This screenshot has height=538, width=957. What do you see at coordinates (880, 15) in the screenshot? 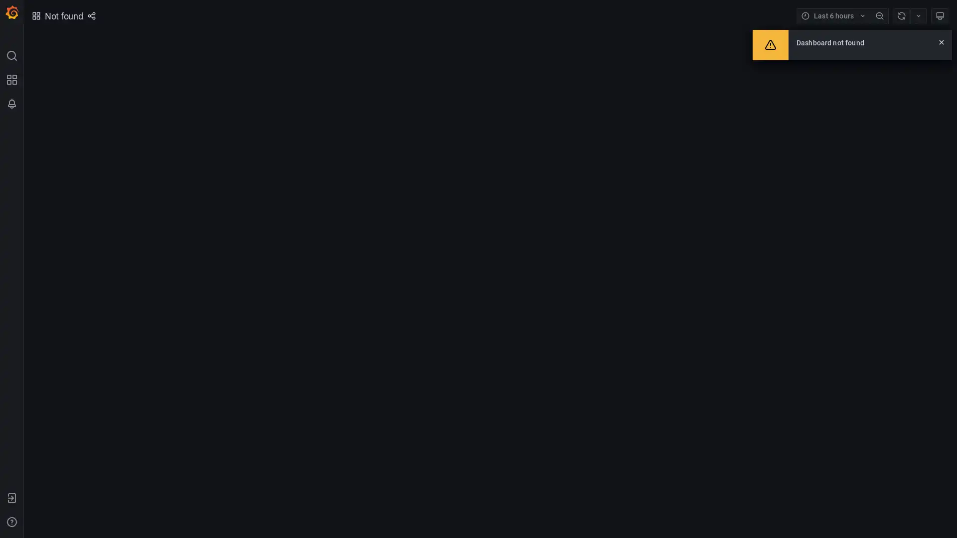
I see `Zoom out time range` at bounding box center [880, 15].